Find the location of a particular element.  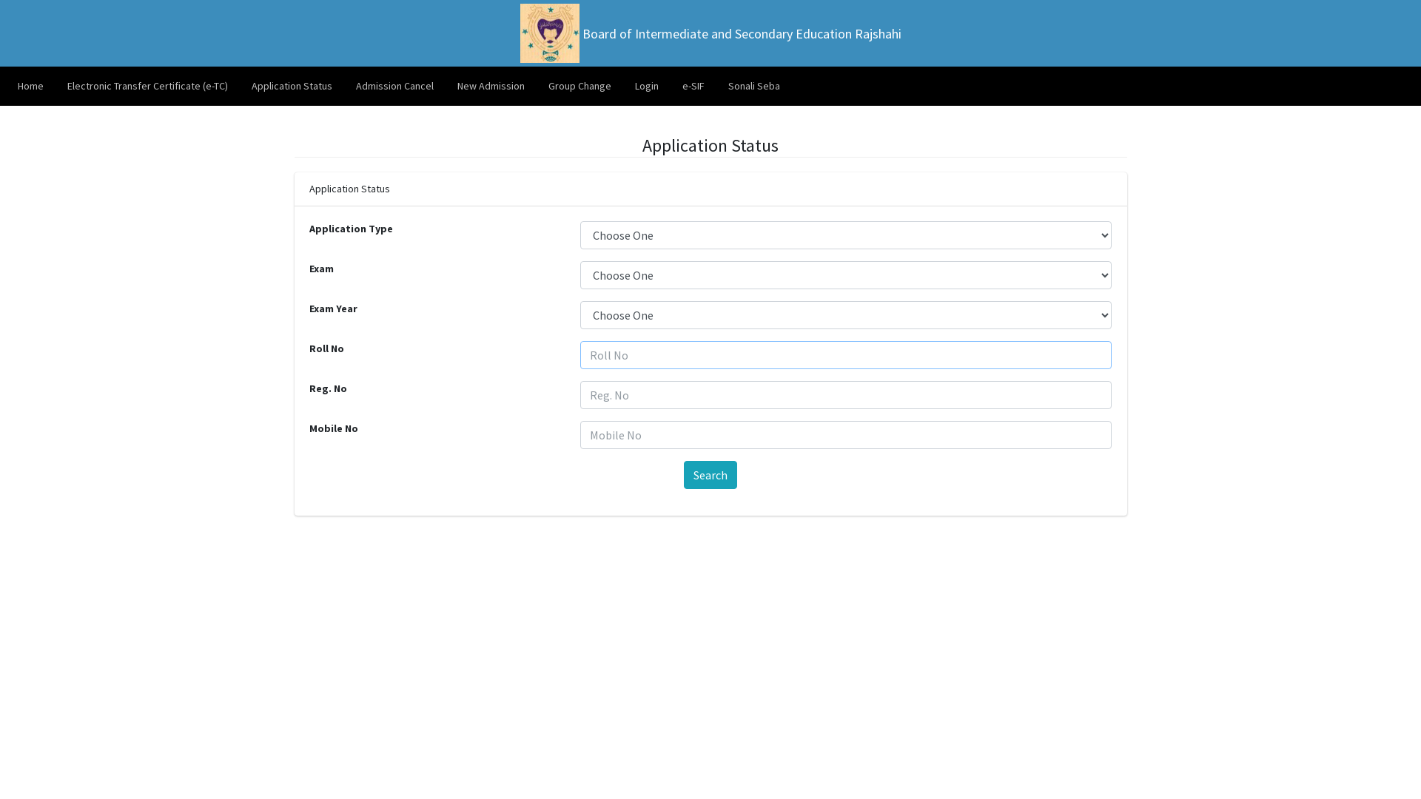

'Group Change' is located at coordinates (579, 86).